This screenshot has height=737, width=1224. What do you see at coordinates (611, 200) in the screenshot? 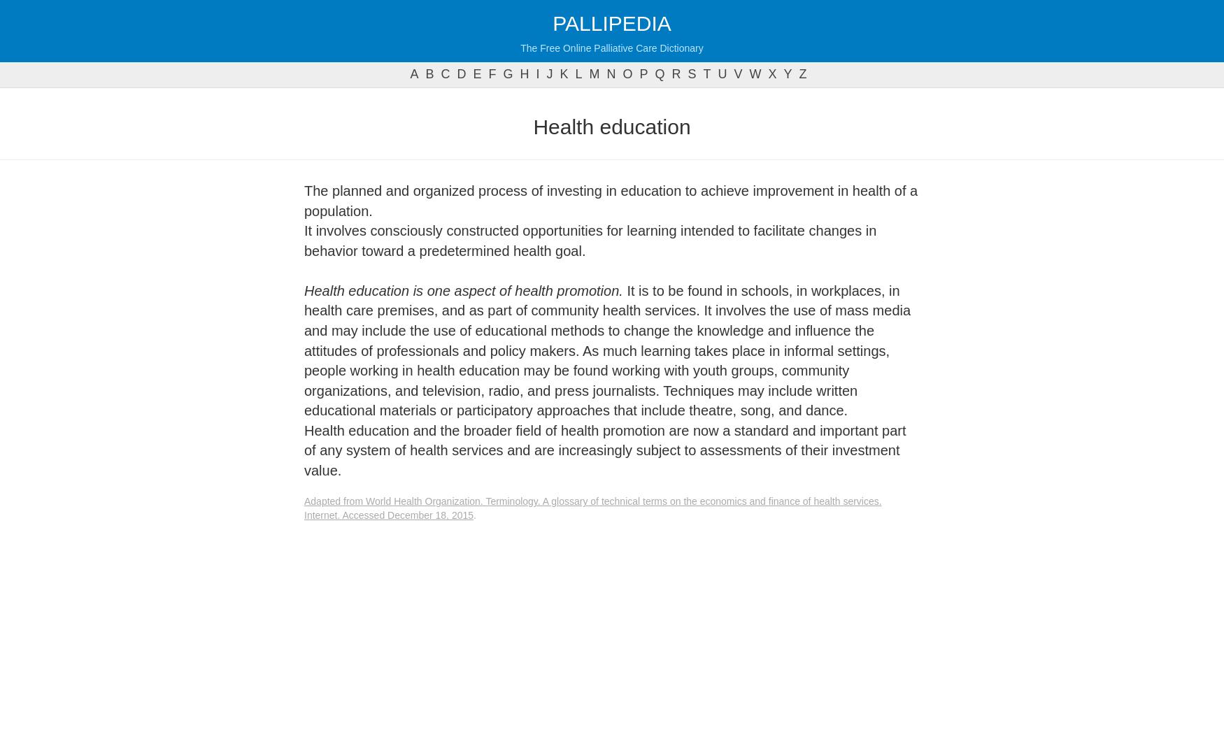
I see `'The planned and organized process of investing in education to achieve improvement in health of a population.'` at bounding box center [611, 200].